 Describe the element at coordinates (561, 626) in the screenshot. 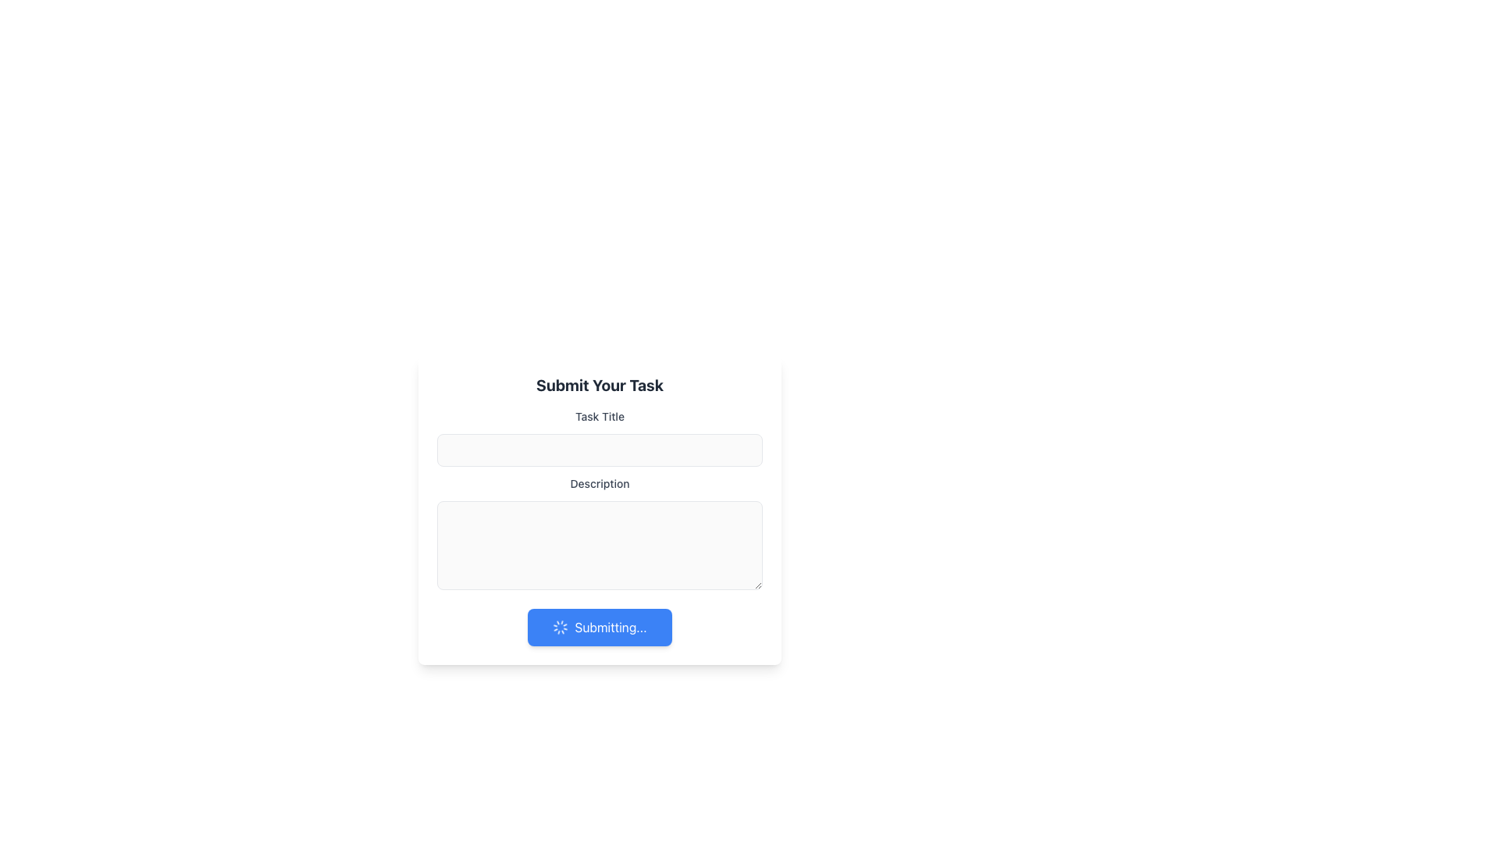

I see `the spinner icon located within the 'Submit Task' form, specifically to the left of the text 'Submitting...' in the button at the bottom center of the form` at that location.